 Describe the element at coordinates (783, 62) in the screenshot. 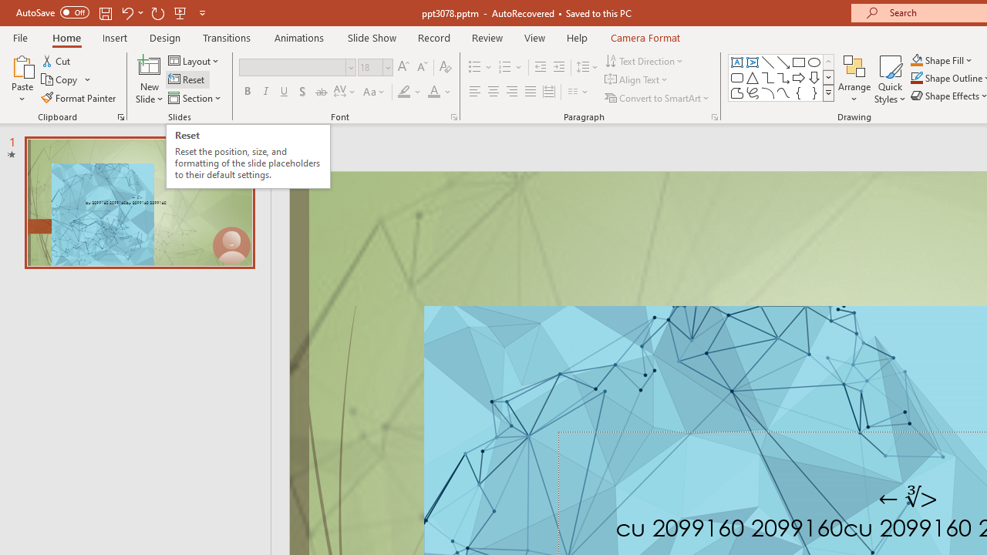

I see `'Line Arrow'` at that location.